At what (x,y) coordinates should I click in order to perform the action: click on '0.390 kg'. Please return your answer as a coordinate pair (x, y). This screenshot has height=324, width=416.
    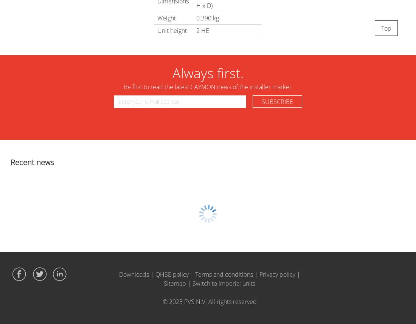
    Looking at the image, I should click on (196, 17).